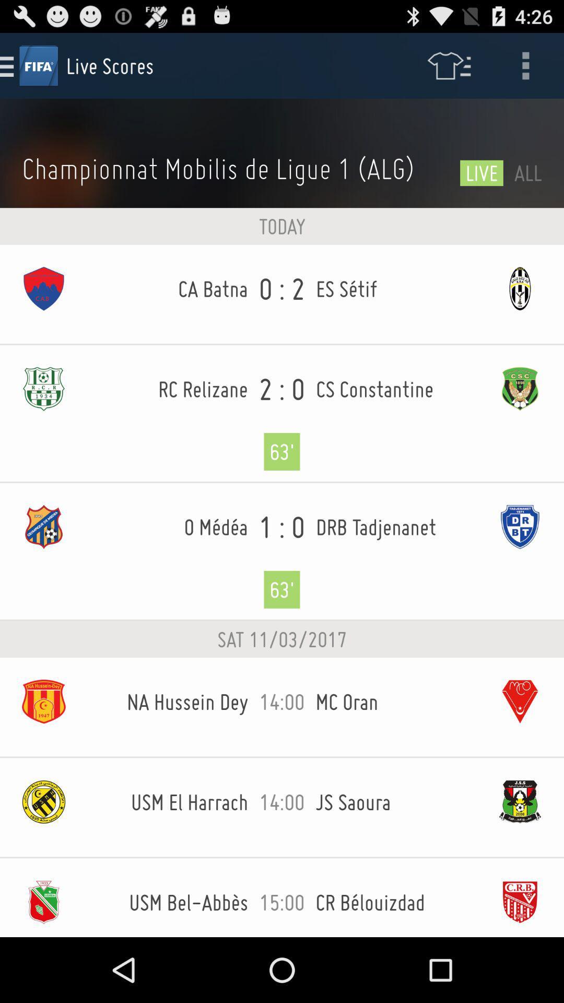 This screenshot has height=1003, width=564. What do you see at coordinates (396, 527) in the screenshot?
I see `drb tadjenanet item` at bounding box center [396, 527].